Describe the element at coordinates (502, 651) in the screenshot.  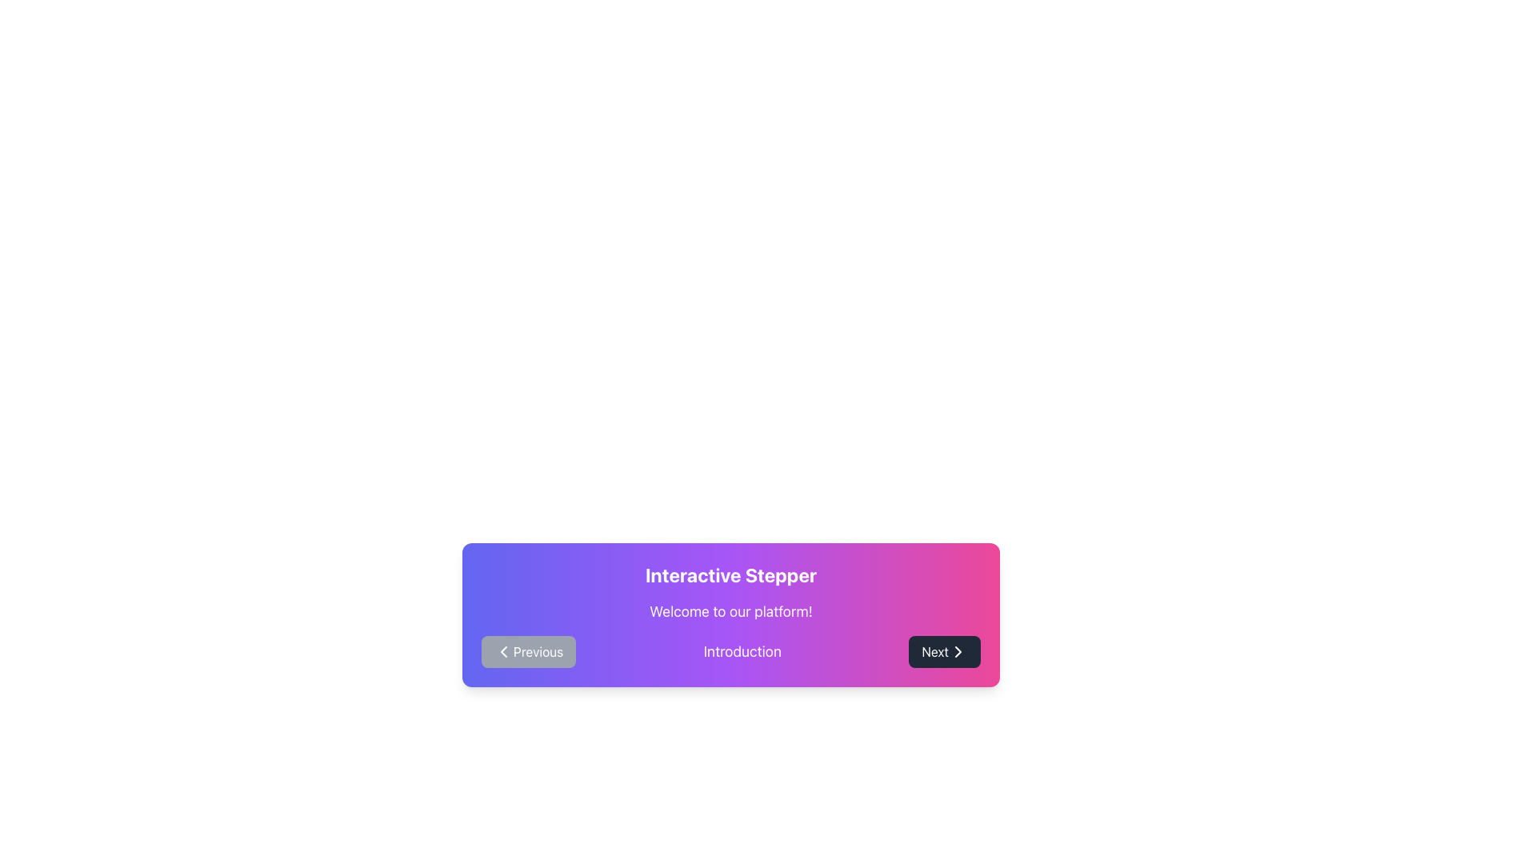
I see `the 'Previous' button which contains a left-pointing chevron icon with a gray stroke color` at that location.